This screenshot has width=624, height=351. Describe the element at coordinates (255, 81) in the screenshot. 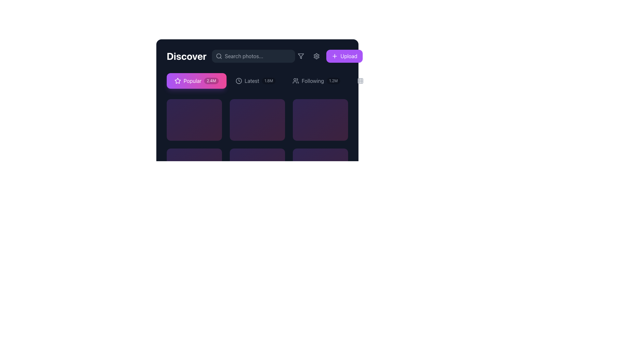

I see `the navigational button located beneath the 'Discover' header to filter content and display the latest items` at that location.